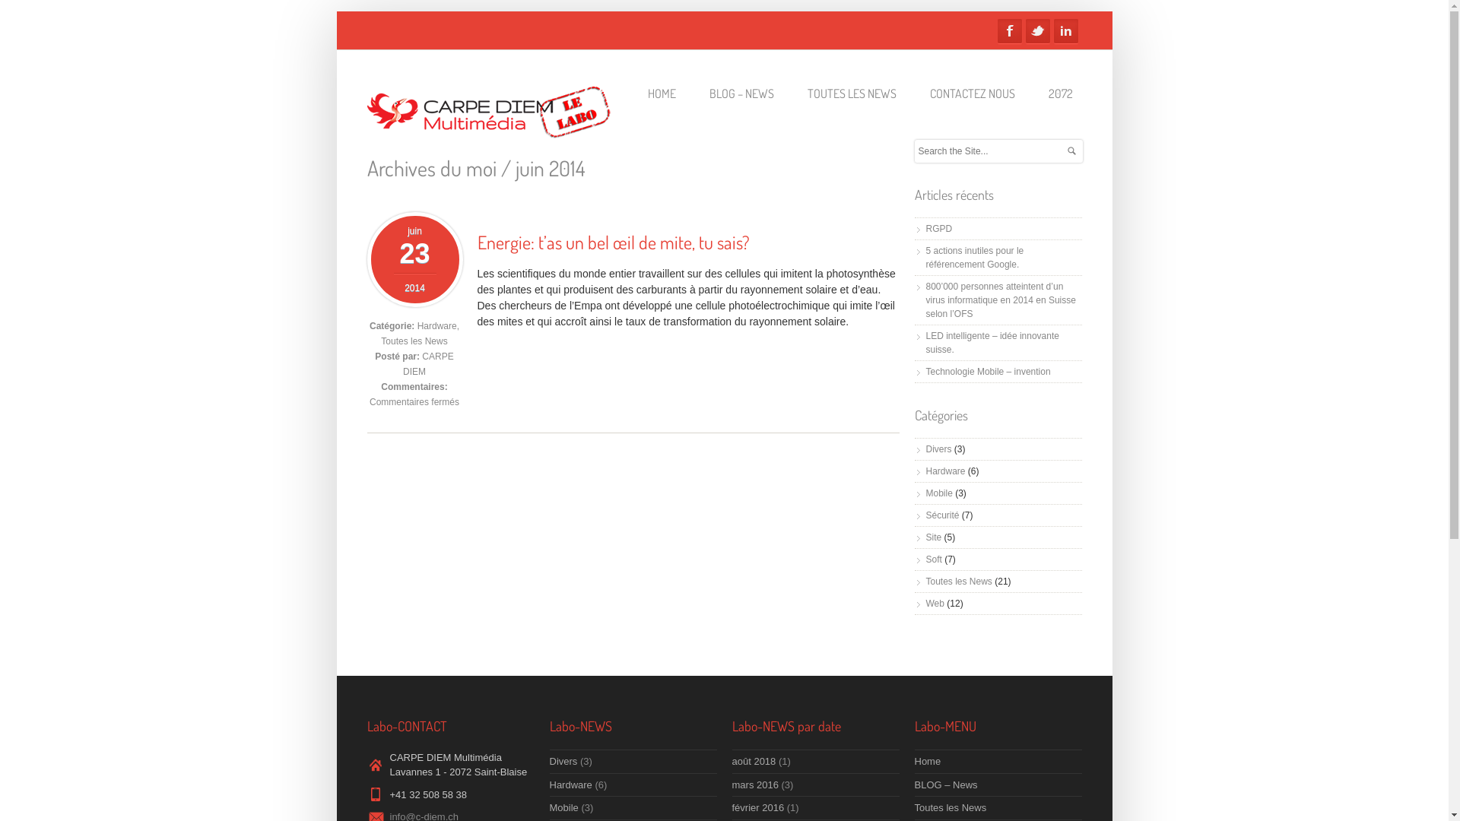 The width and height of the screenshot is (1460, 821). I want to click on 'Hardware', so click(547, 785).